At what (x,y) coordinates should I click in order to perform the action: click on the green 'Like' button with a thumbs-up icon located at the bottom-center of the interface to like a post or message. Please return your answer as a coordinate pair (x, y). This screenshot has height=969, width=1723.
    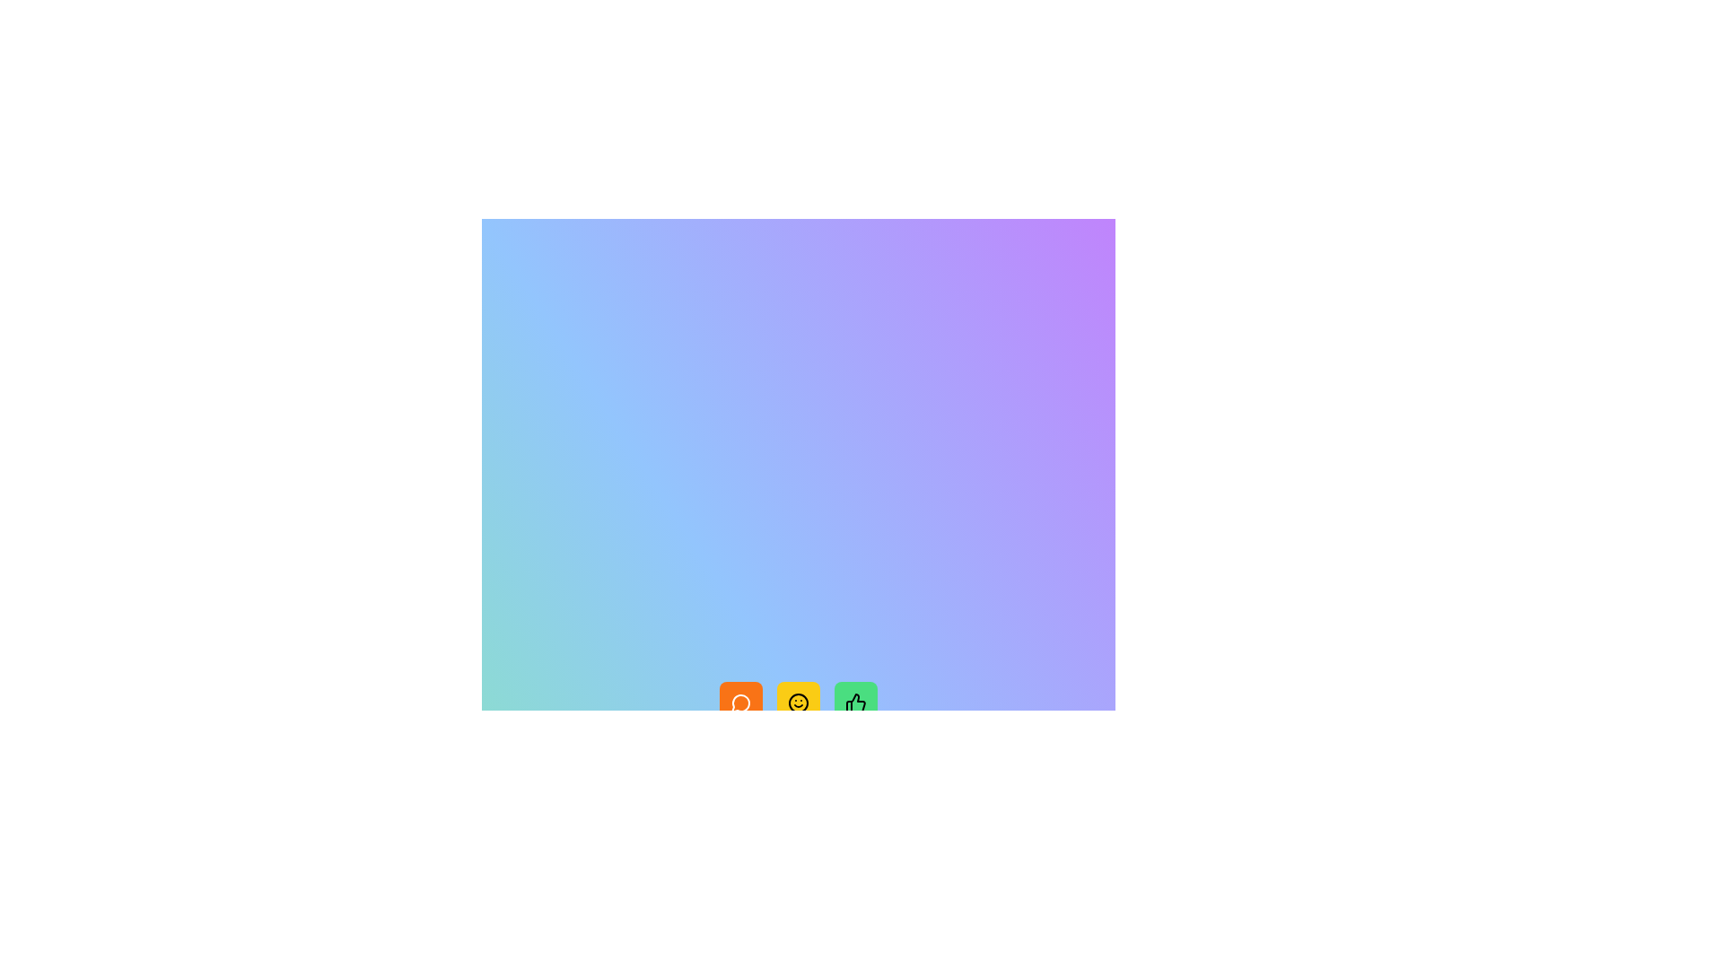
    Looking at the image, I should click on (855, 702).